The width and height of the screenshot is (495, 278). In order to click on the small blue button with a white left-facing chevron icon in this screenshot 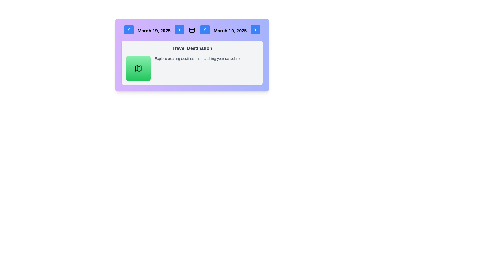, I will do `click(205, 30)`.